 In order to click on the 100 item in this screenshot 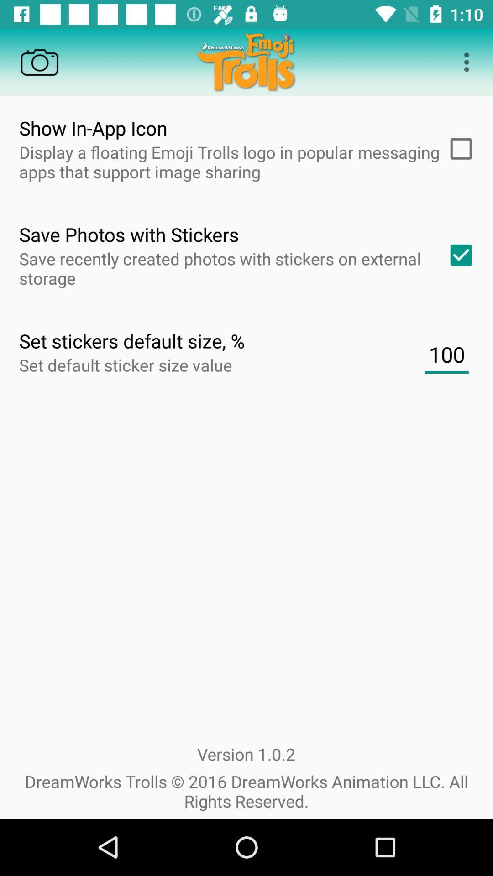, I will do `click(446, 354)`.